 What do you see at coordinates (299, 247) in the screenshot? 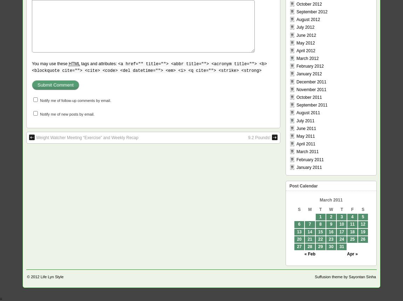
I see `'27'` at bounding box center [299, 247].